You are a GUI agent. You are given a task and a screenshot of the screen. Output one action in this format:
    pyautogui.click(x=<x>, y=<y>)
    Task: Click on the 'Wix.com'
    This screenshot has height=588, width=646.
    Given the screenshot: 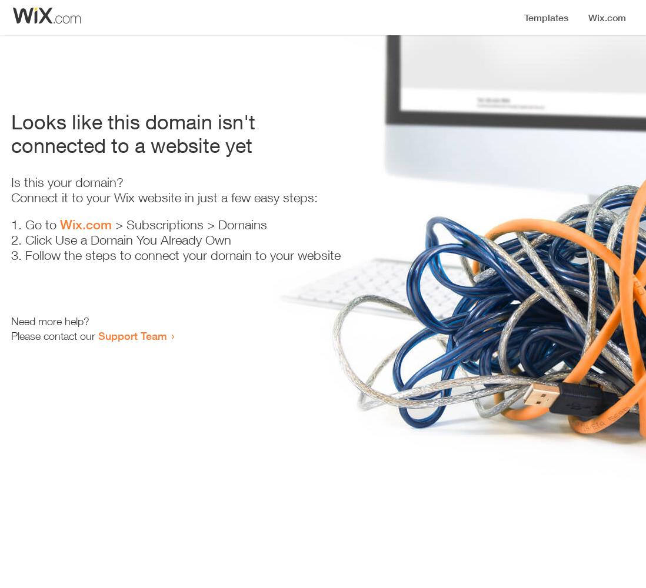 What is the action you would take?
    pyautogui.click(x=86, y=225)
    